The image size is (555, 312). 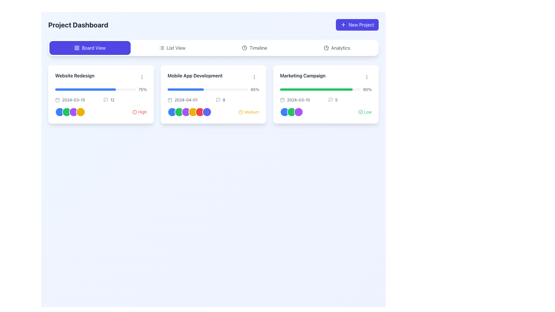 I want to click on the blue filled portion of the progress bar in the 'Website Redesign' card to visually indicate progress, so click(x=85, y=89).